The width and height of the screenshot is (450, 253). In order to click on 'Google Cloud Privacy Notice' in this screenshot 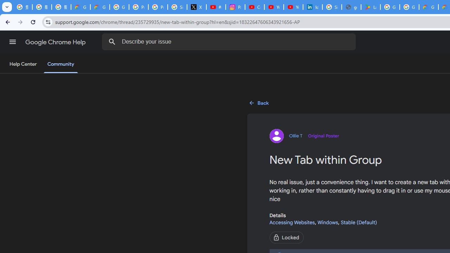, I will do `click(99, 7)`.